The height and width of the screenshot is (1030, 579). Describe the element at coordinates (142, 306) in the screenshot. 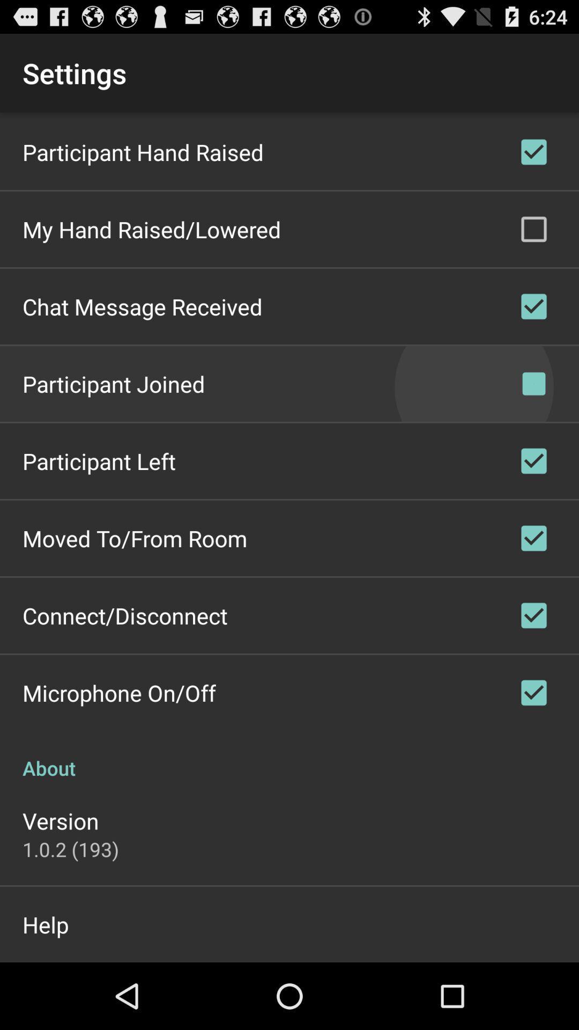

I see `item above participant joined item` at that location.